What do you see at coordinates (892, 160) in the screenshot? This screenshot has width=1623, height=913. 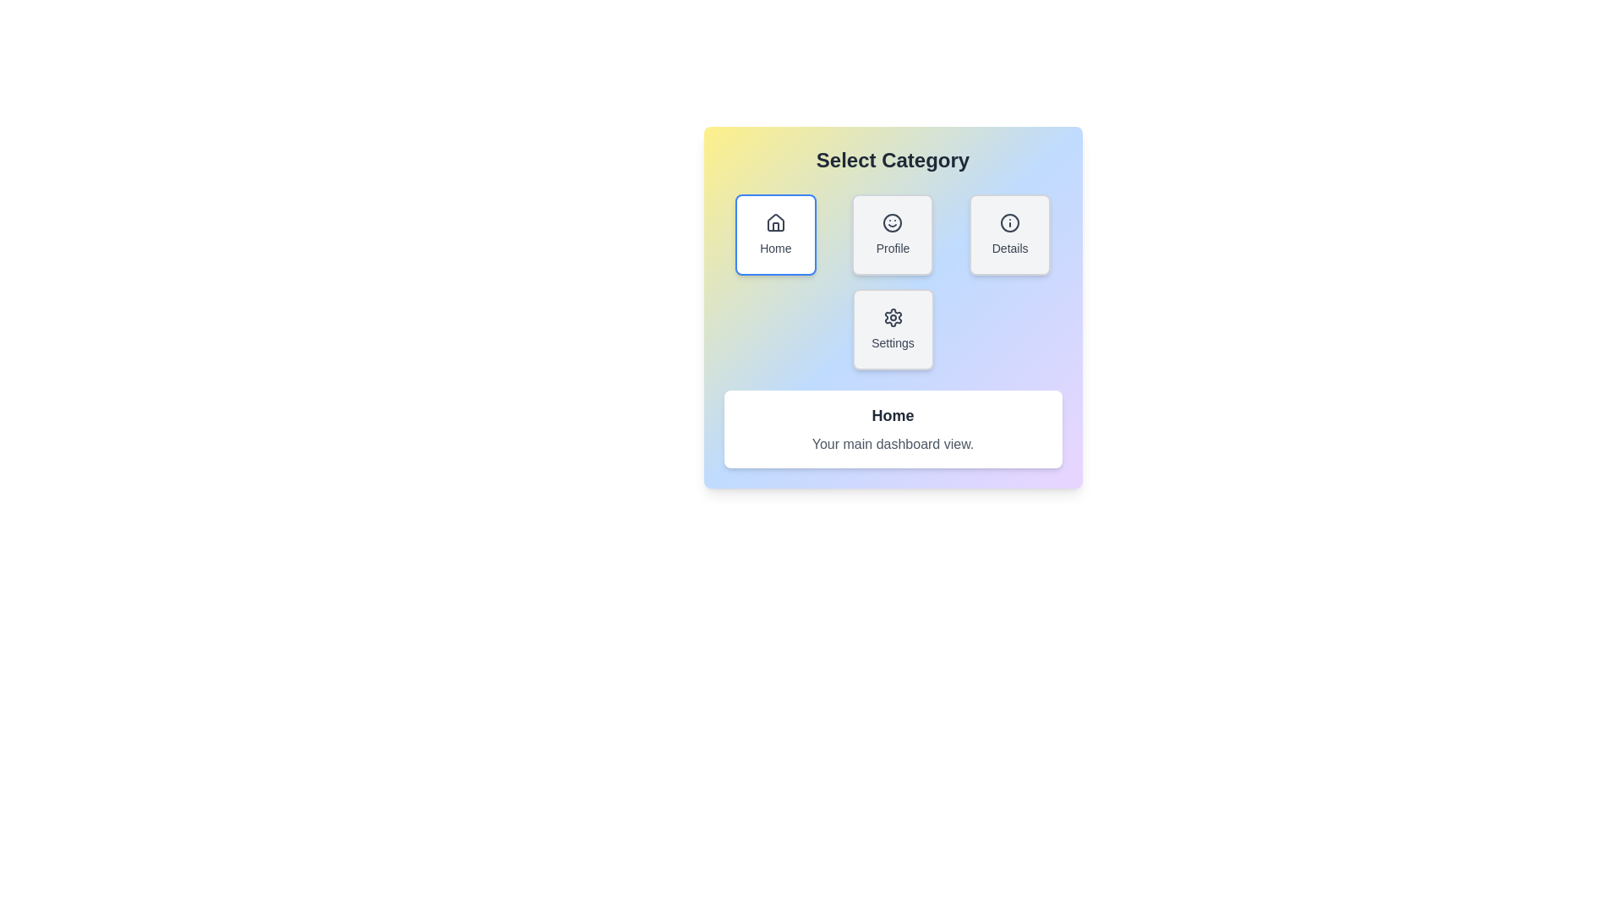 I see `the 'Select Category' text element, which is bold and large, centered at the top of a card-like component with a gradient background` at bounding box center [892, 160].